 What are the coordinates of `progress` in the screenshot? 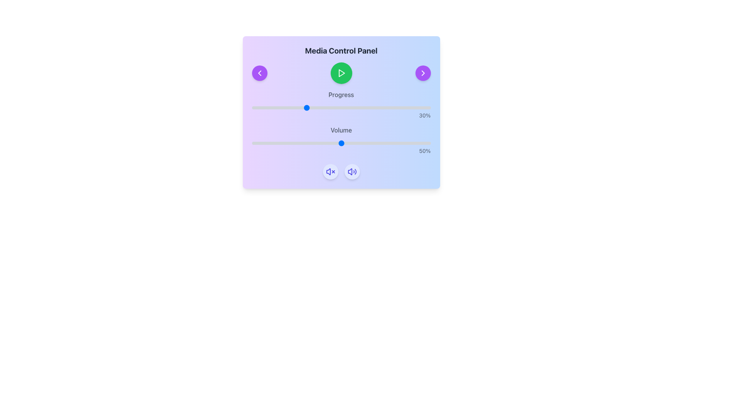 It's located at (384, 108).